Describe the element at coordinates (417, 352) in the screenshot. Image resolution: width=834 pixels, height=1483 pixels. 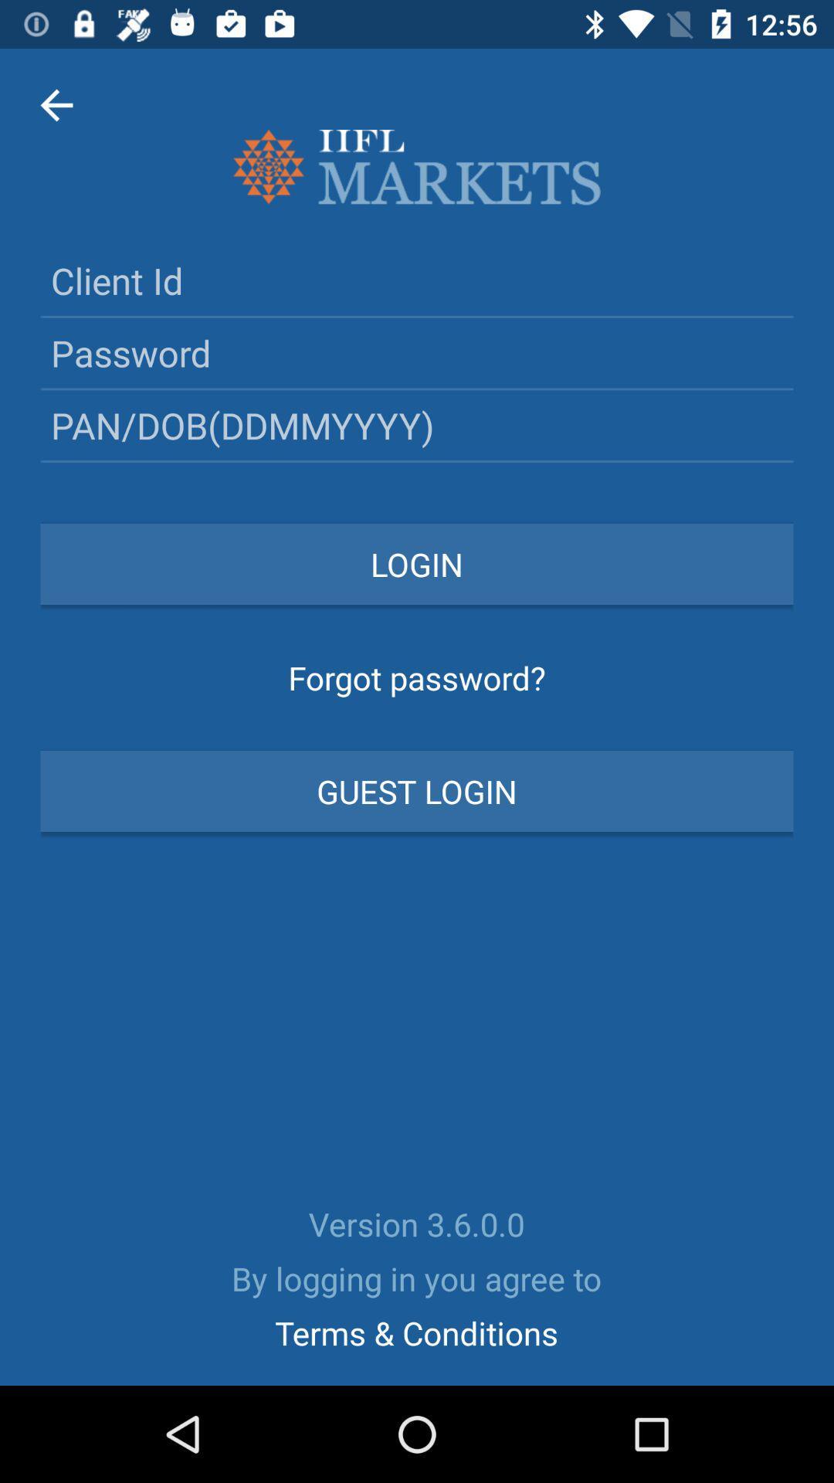
I see `login password` at that location.